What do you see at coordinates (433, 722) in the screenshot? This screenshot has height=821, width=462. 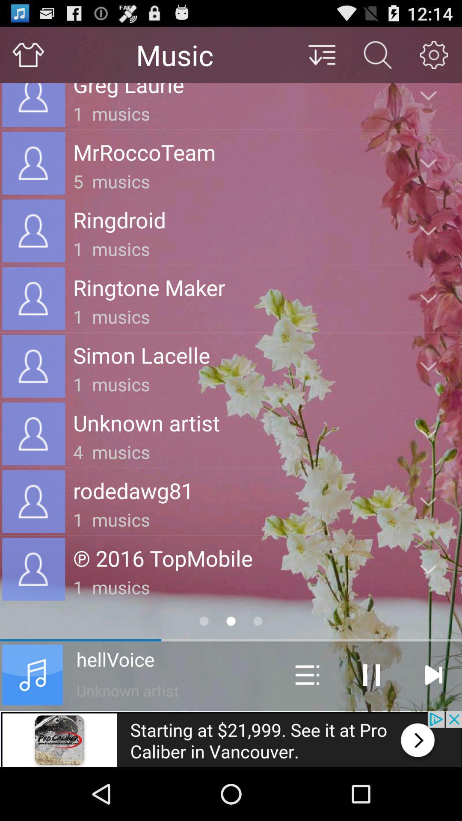 I see `the skip_next icon` at bounding box center [433, 722].